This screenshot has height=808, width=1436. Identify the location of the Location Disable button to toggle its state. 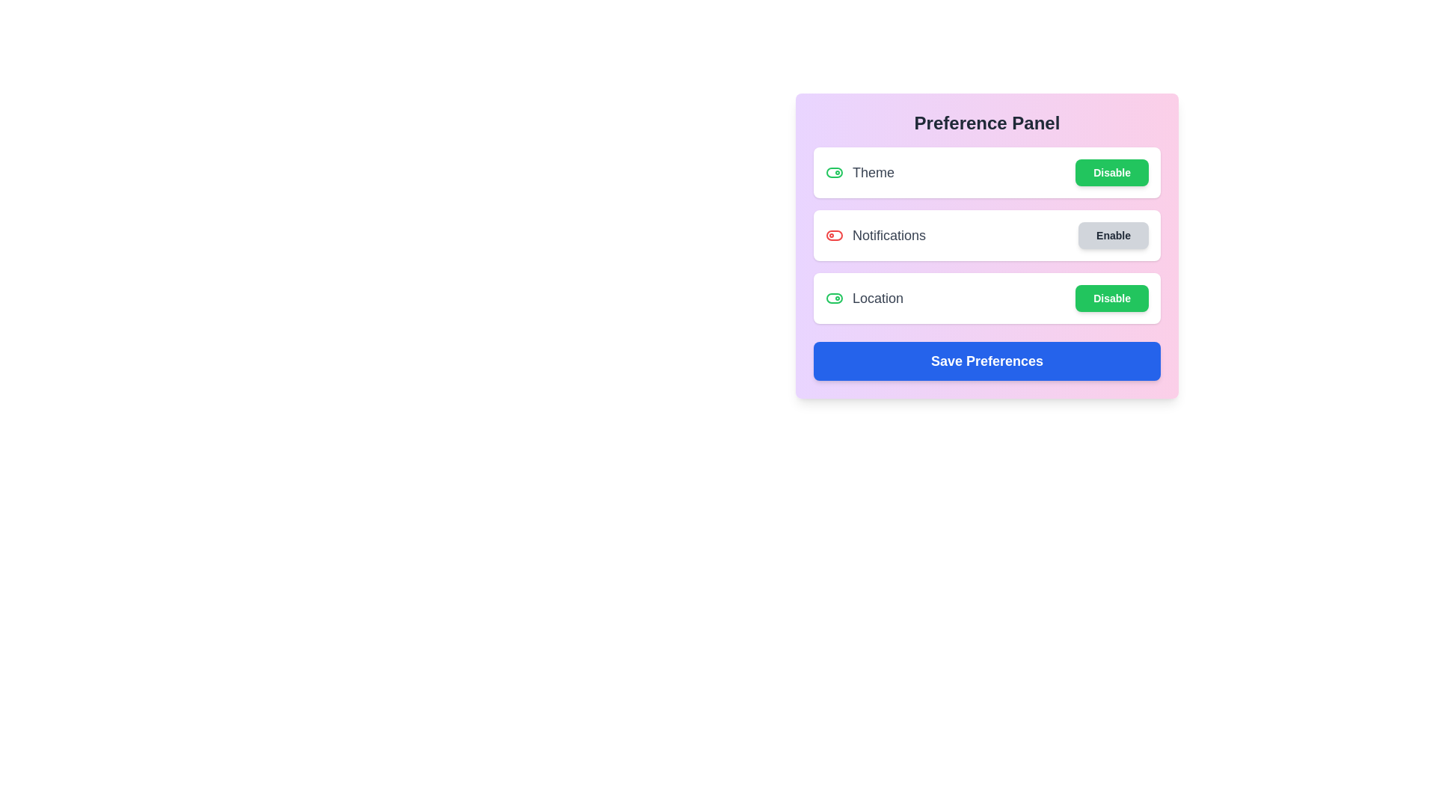
(1112, 298).